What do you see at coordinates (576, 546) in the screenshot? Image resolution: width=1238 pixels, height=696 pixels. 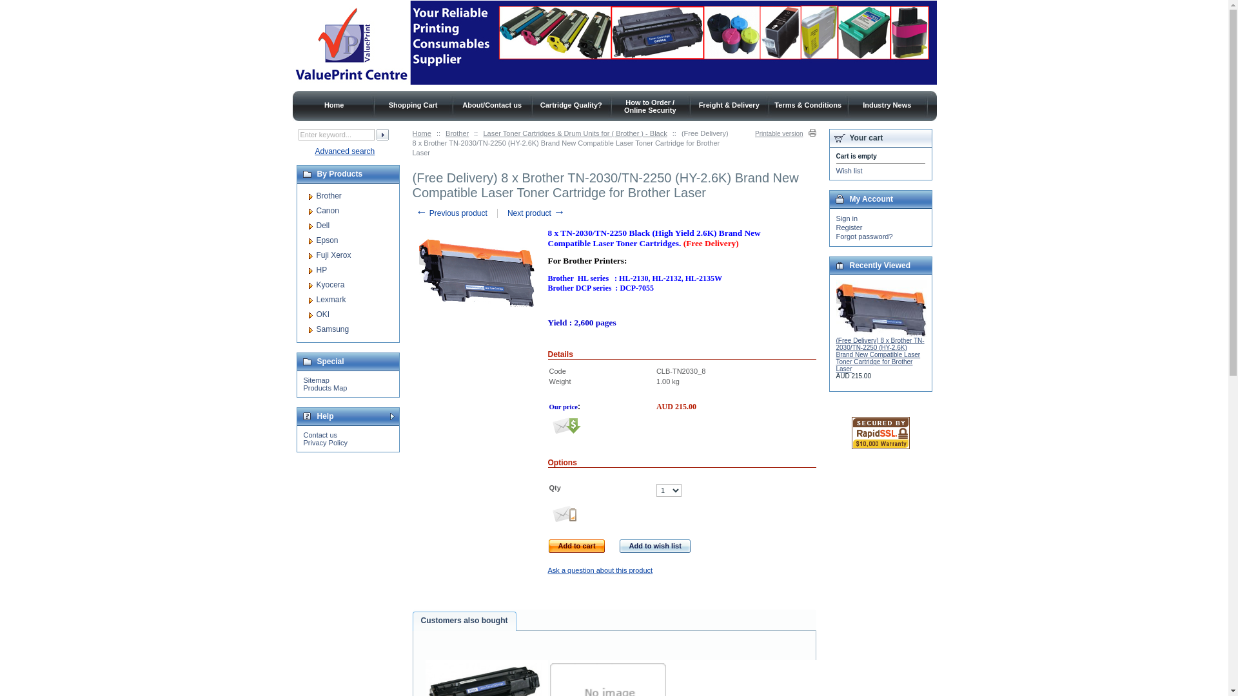 I see `'Add to cart'` at bounding box center [576, 546].